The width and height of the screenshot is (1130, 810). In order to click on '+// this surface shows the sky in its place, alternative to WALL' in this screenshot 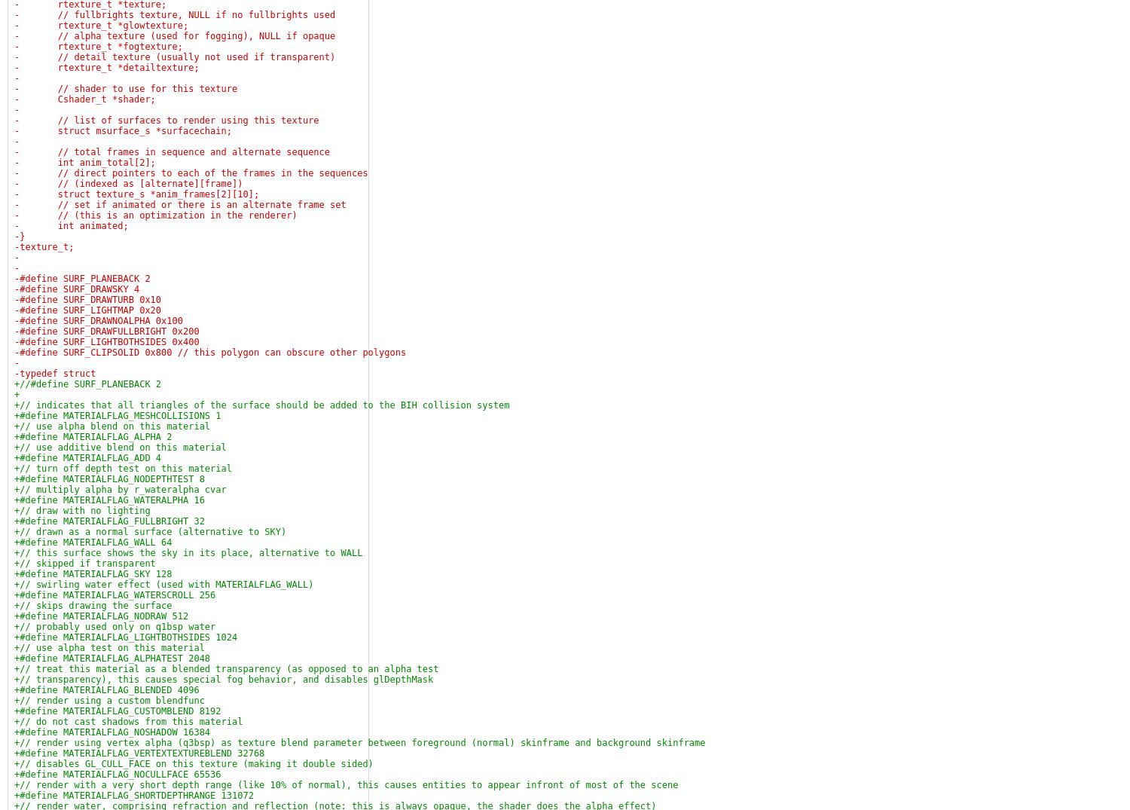, I will do `click(188, 553)`.